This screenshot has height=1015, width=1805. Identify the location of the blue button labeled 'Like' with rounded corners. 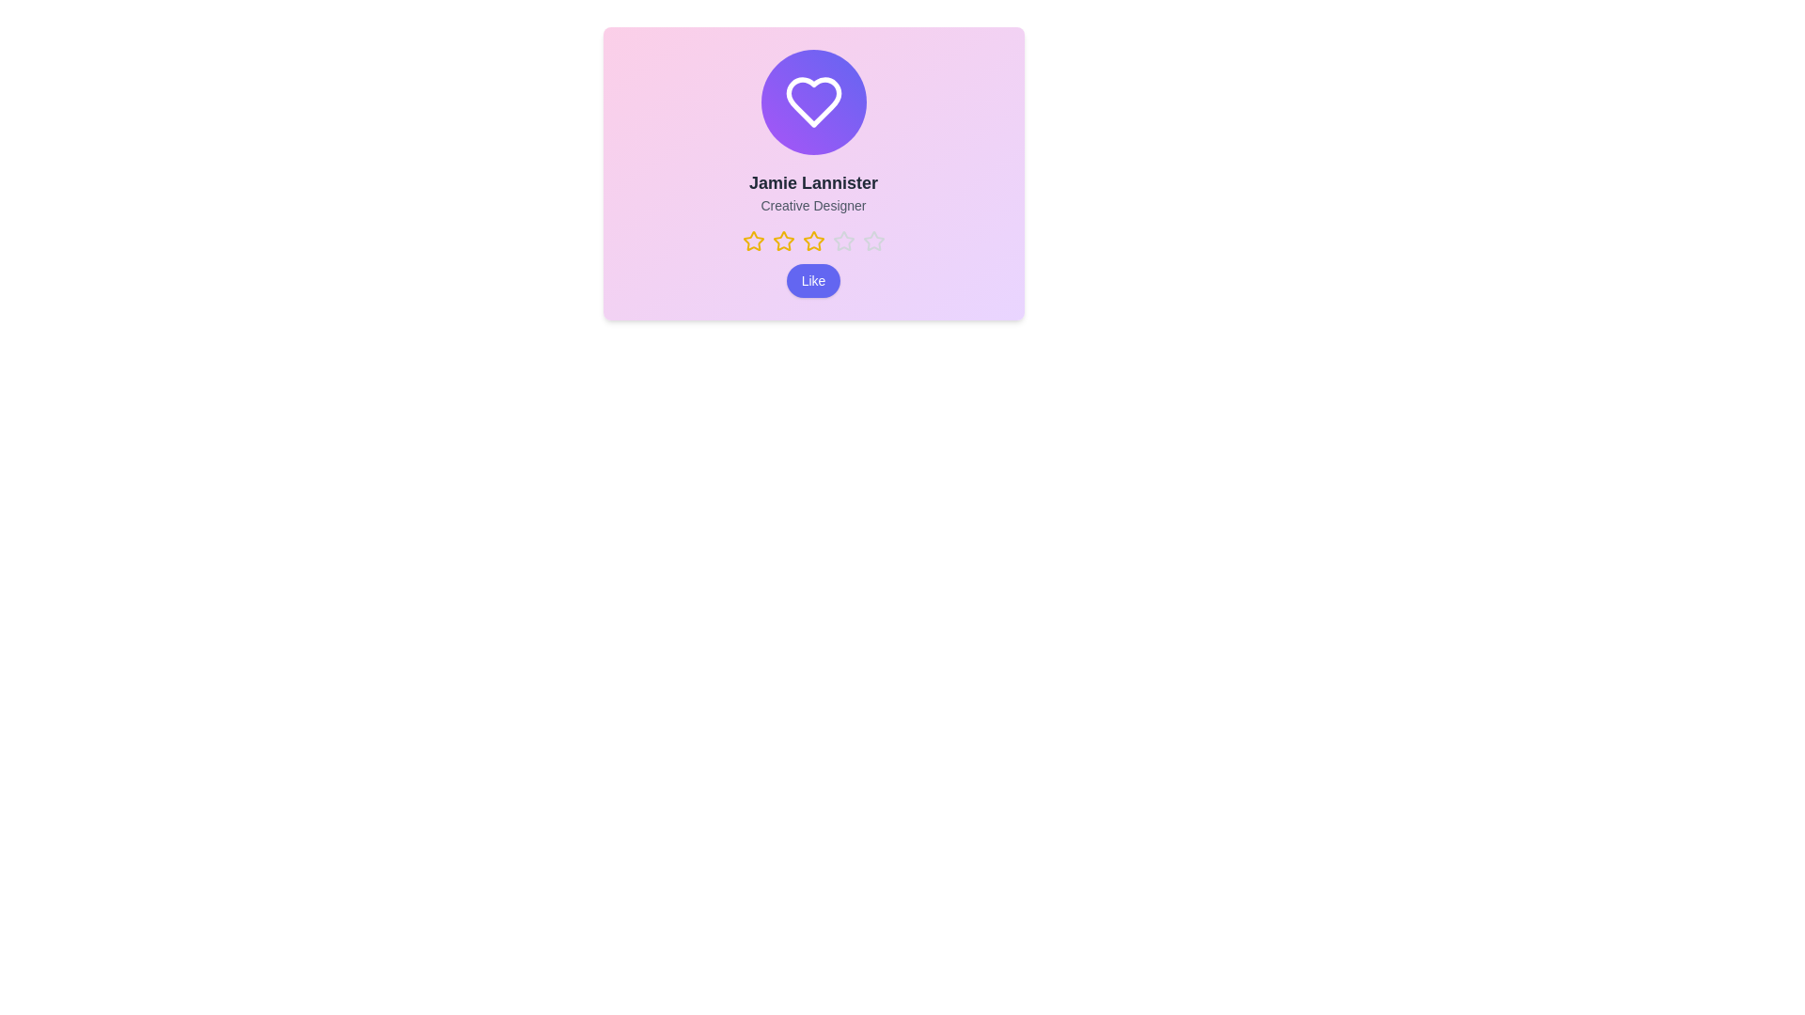
(813, 281).